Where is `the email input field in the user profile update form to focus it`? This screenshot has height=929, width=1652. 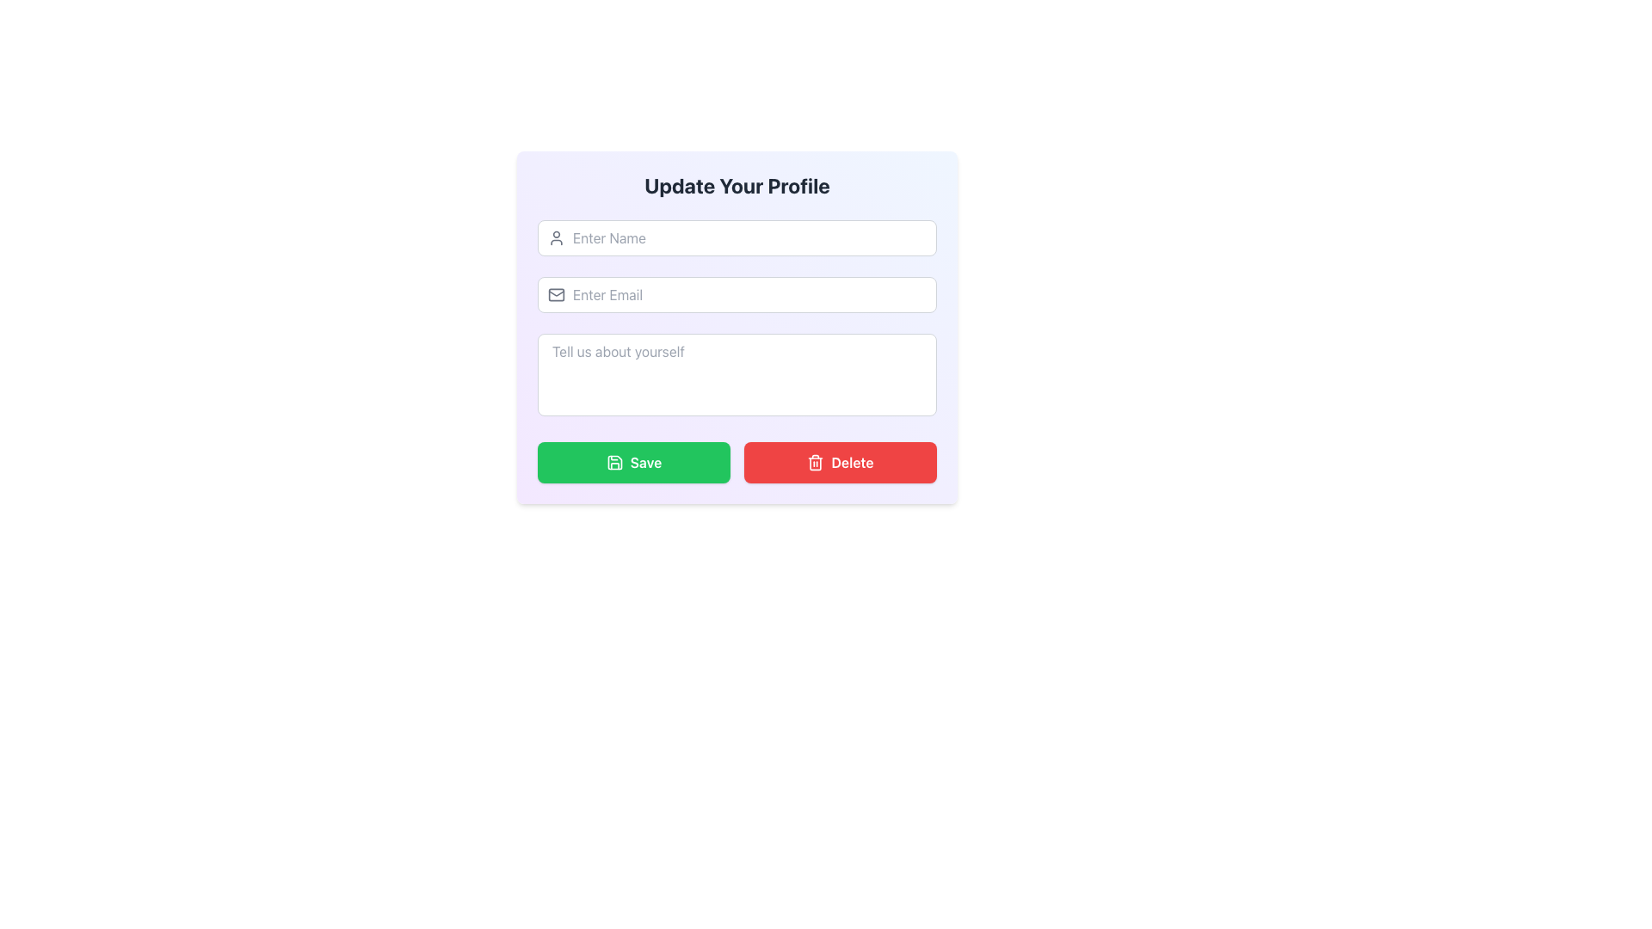 the email input field in the user profile update form to focus it is located at coordinates (737, 294).